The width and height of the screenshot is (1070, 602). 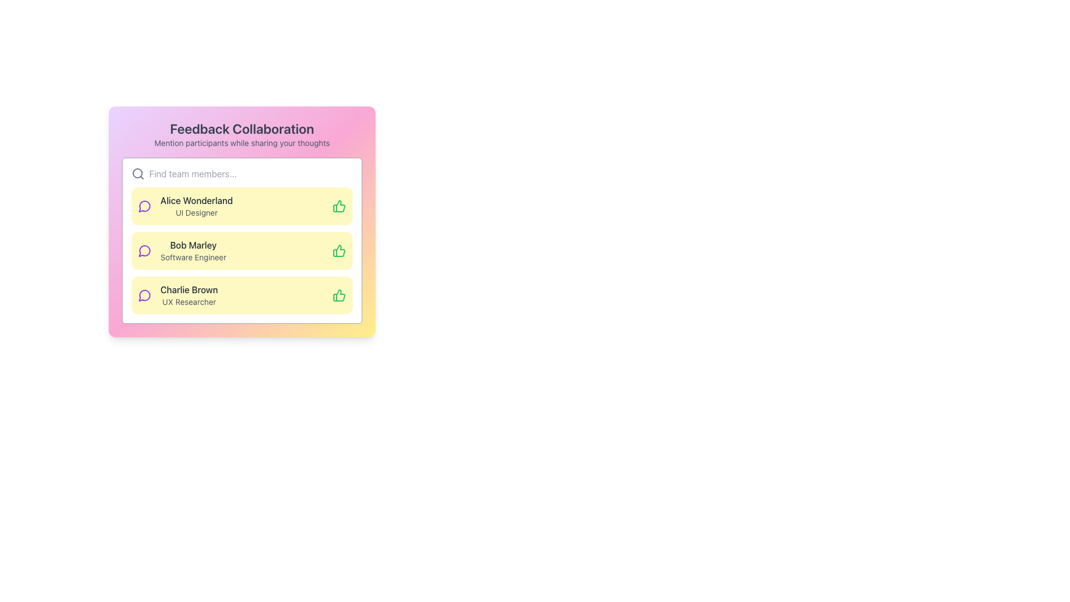 I want to click on the Text Display Area that contains the lines 'Feedback Collaboration' and 'Mention participants while sharing your thoughts', so click(x=241, y=133).